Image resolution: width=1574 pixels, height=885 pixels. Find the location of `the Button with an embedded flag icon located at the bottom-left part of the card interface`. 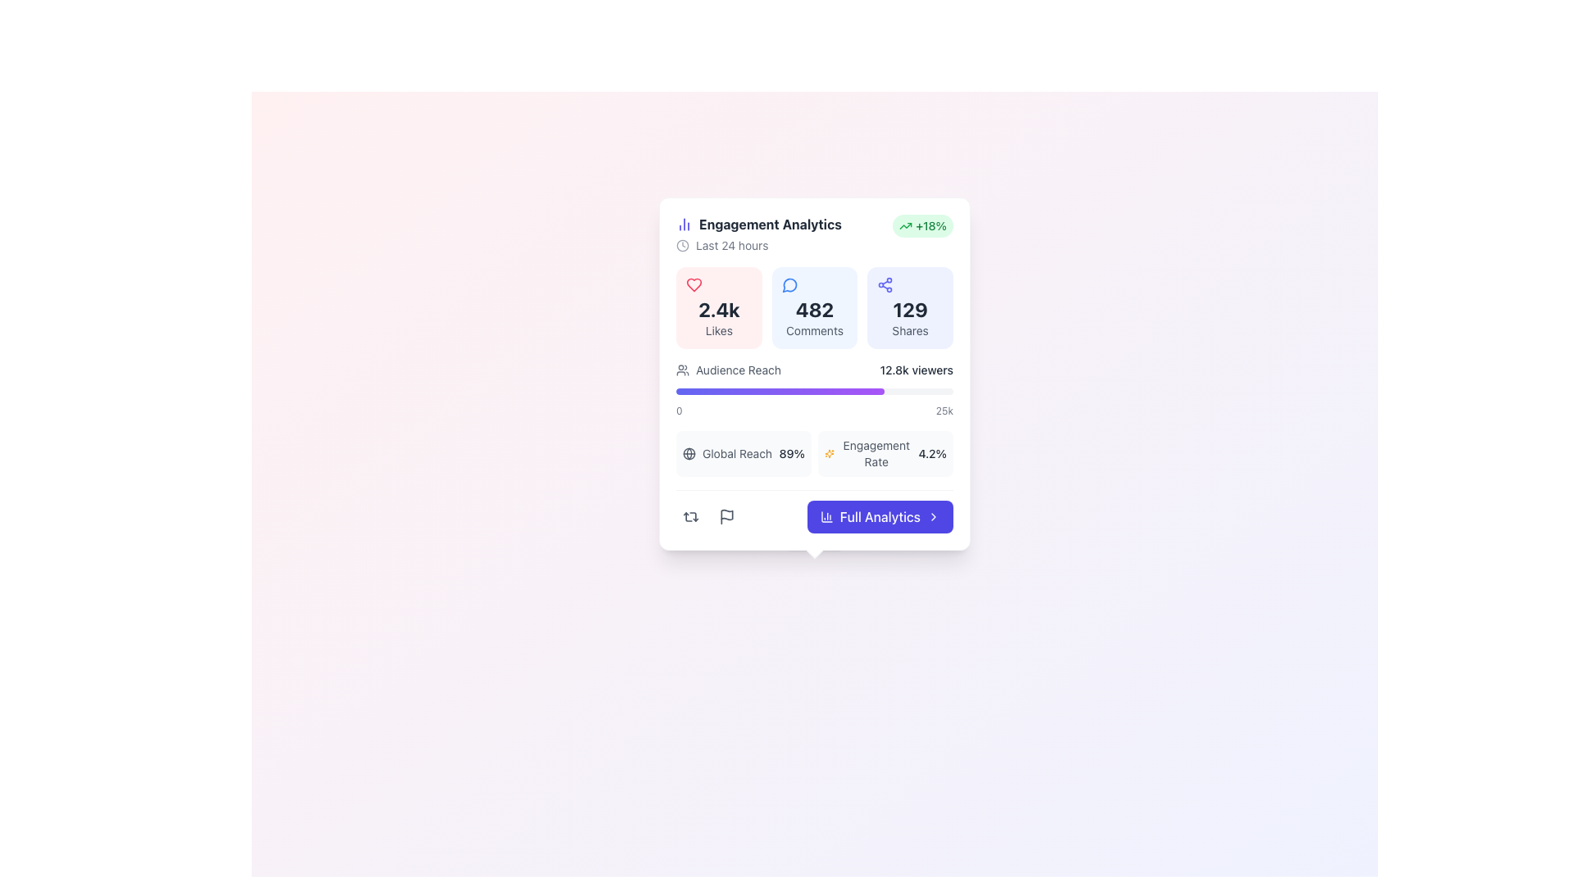

the Button with an embedded flag icon located at the bottom-left part of the card interface is located at coordinates (726, 517).